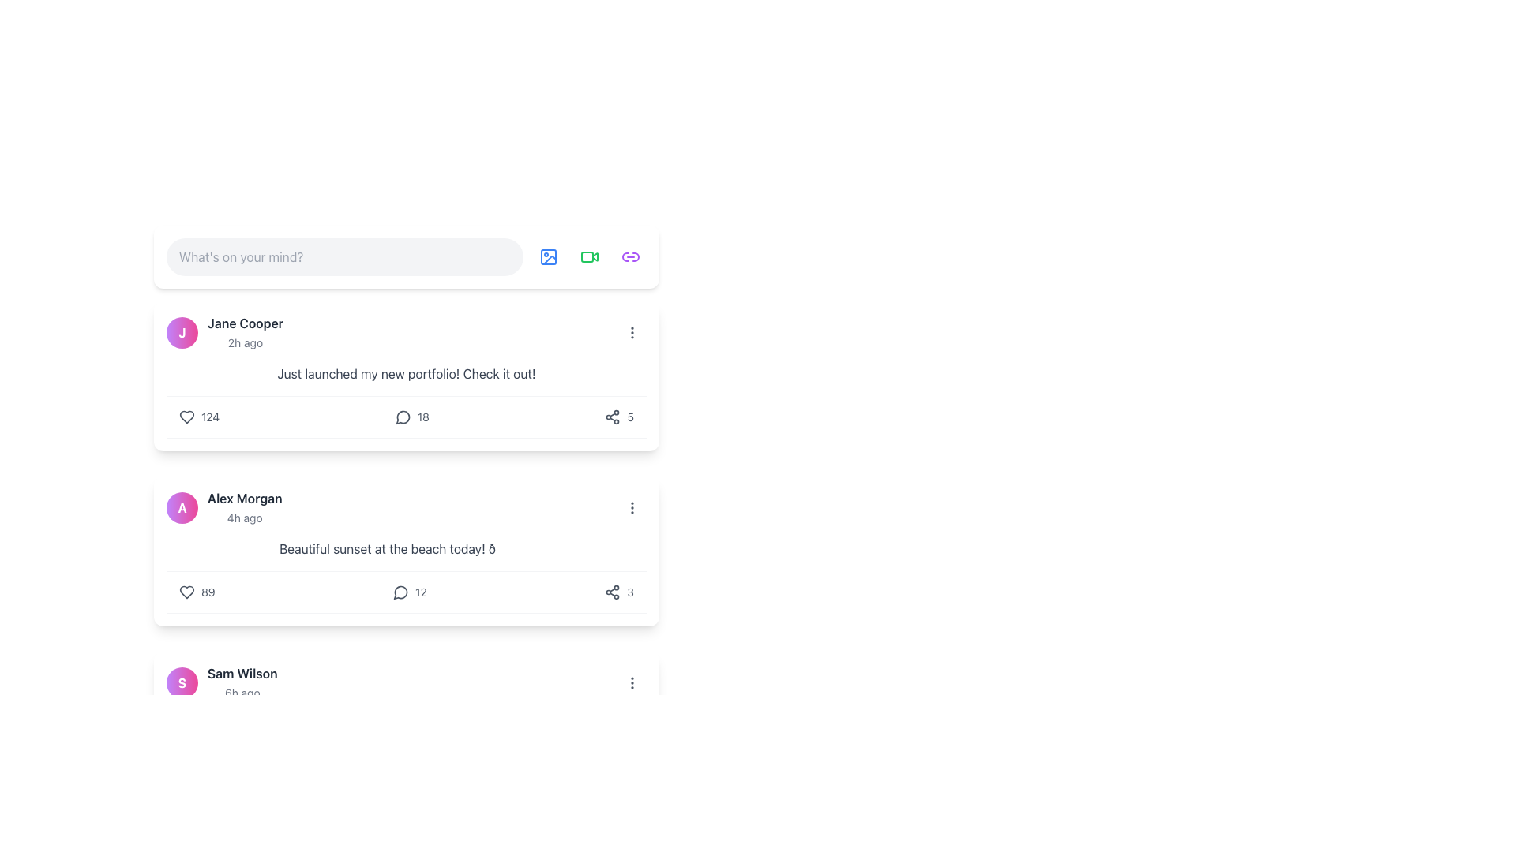  What do you see at coordinates (223, 508) in the screenshot?
I see `the Profile Header Information element that displays the user profile information including avatar, name, and recent activity time, situated below 'Jane Cooper' and above 'Sam Wilson'` at bounding box center [223, 508].